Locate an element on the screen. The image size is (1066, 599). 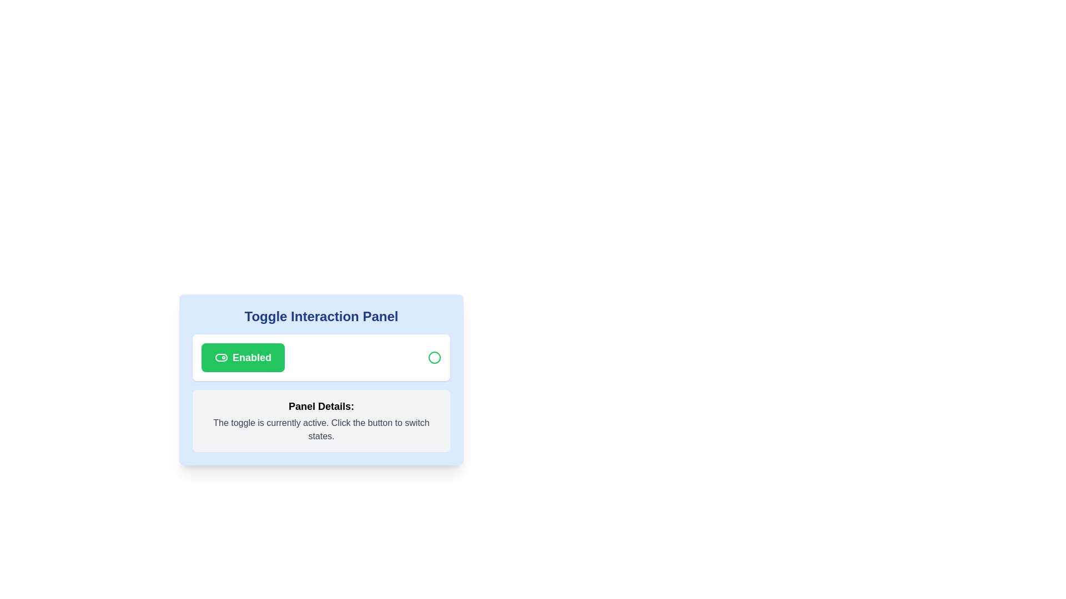
the 'Enabled' toggle button located in the 'Toggle Interaction Panel' is located at coordinates (242, 357).